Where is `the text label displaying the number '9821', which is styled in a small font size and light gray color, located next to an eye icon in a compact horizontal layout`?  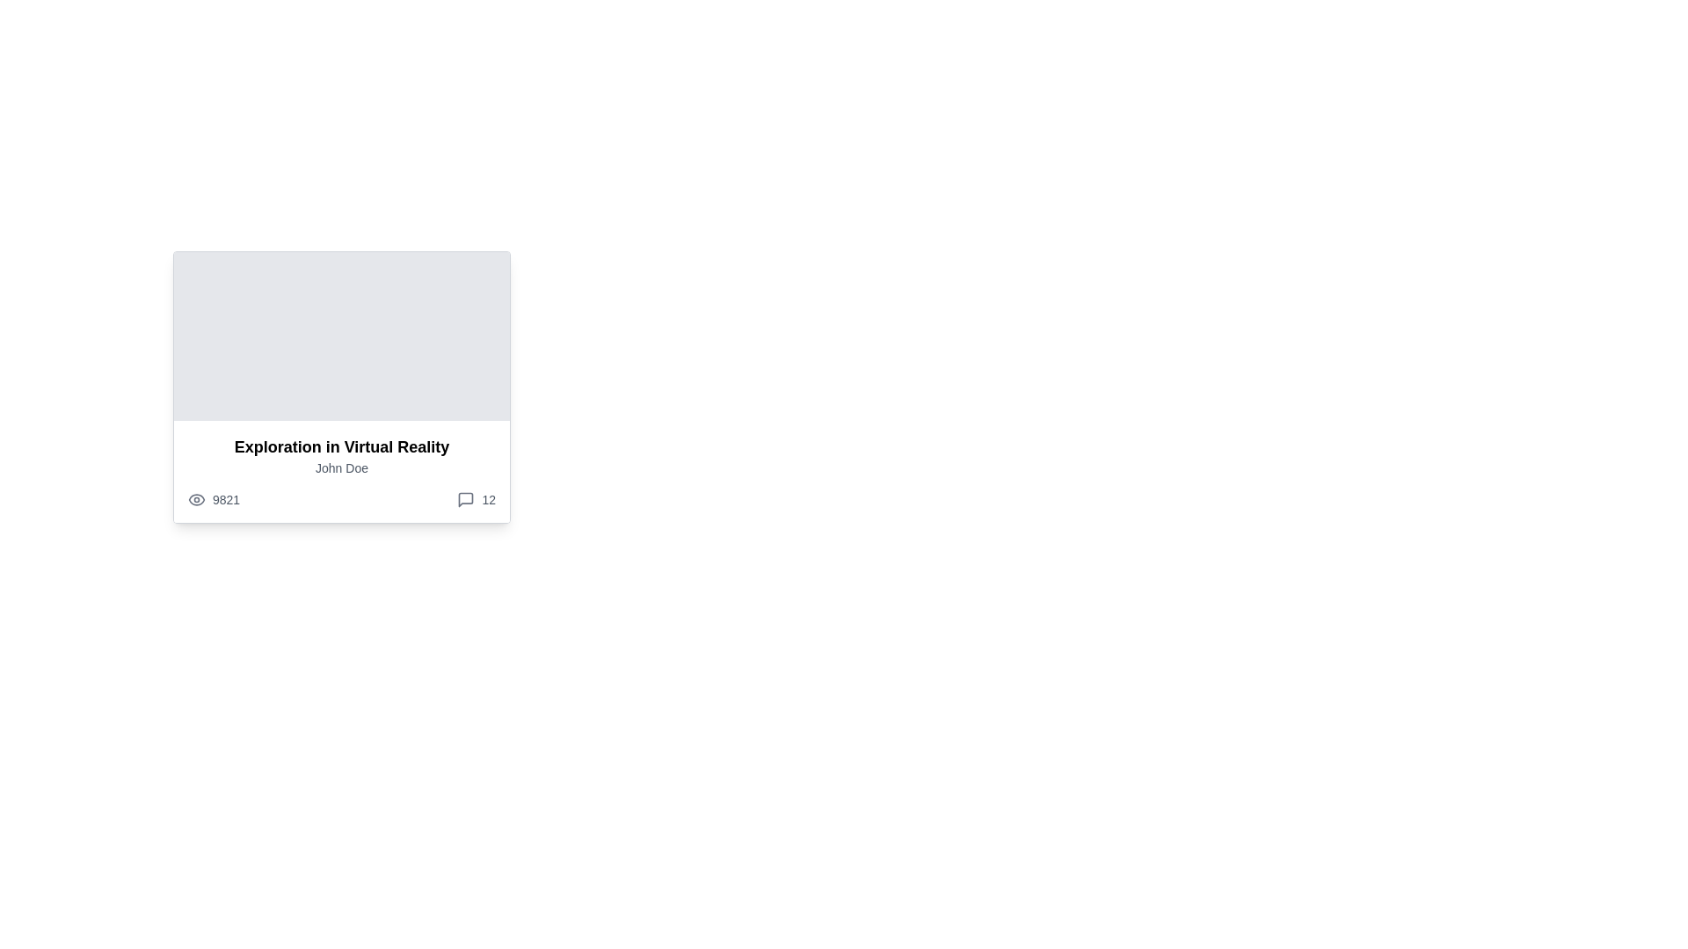
the text label displaying the number '9821', which is styled in a small font size and light gray color, located next to an eye icon in a compact horizontal layout is located at coordinates (225, 500).